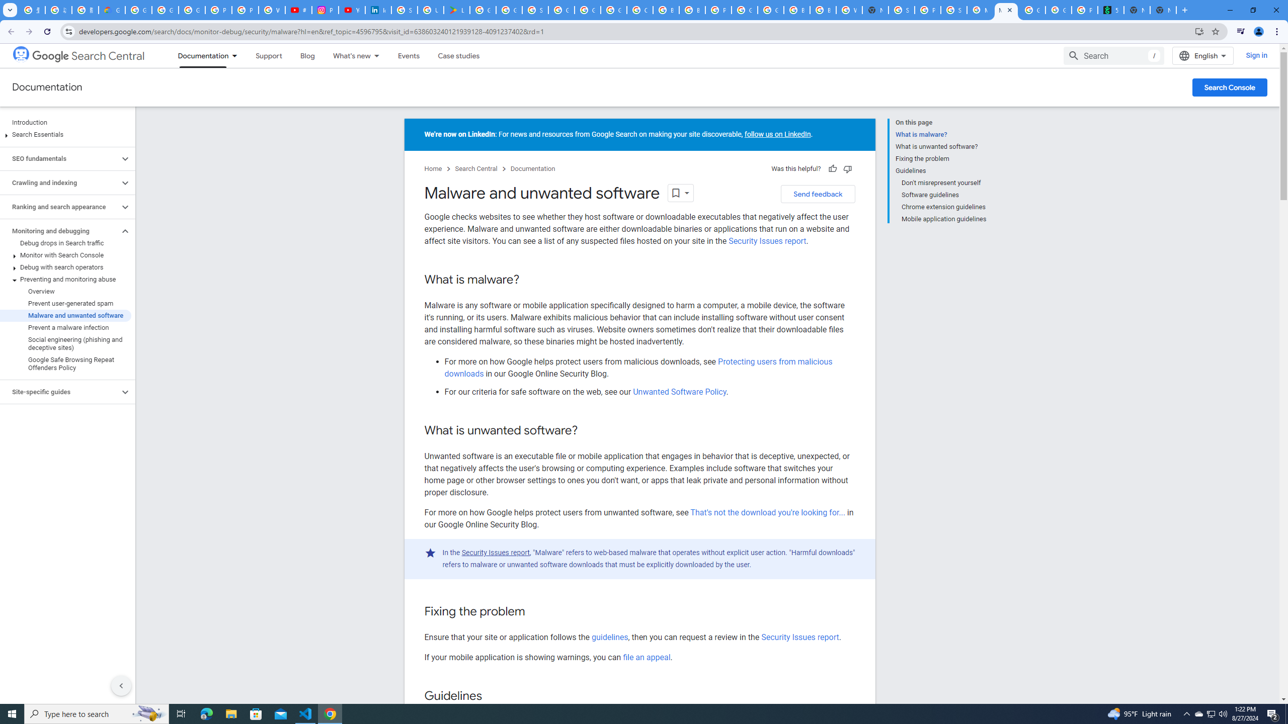  What do you see at coordinates (796, 10) in the screenshot?
I see `'Browse Chrome as a guest - Computer - Google Chrome Help'` at bounding box center [796, 10].